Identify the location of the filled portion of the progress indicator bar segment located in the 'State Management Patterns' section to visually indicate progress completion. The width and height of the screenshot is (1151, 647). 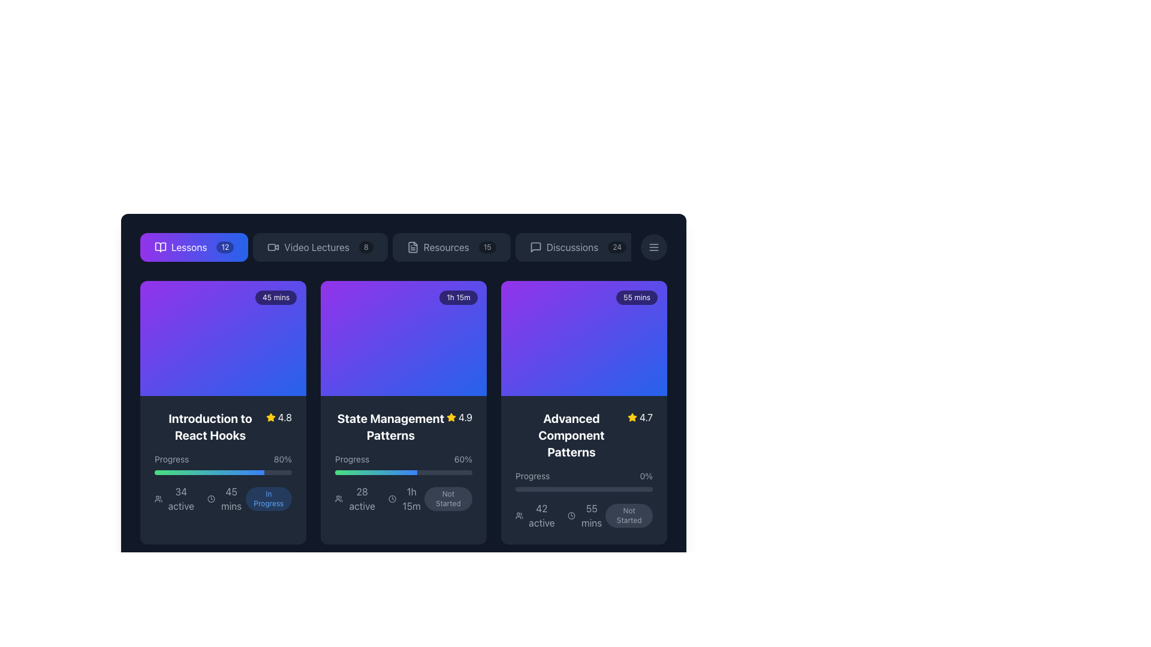
(375, 472).